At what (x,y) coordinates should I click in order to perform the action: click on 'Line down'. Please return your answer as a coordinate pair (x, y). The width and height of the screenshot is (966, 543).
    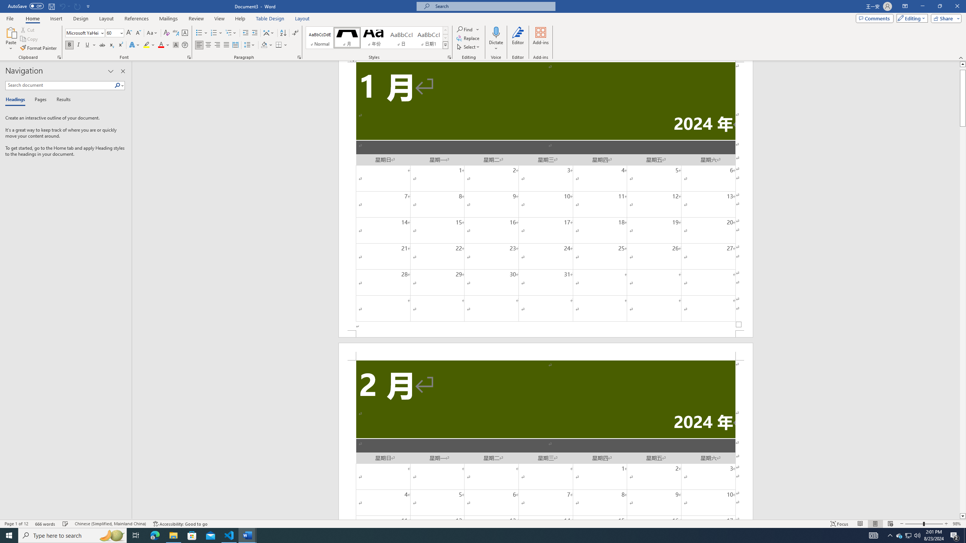
    Looking at the image, I should click on (963, 516).